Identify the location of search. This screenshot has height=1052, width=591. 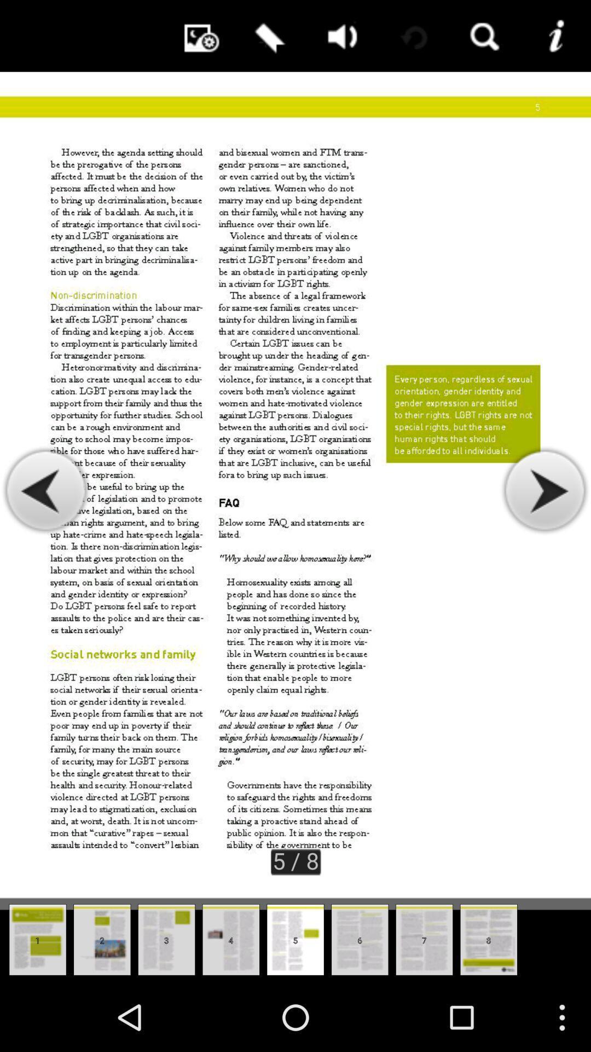
(483, 36).